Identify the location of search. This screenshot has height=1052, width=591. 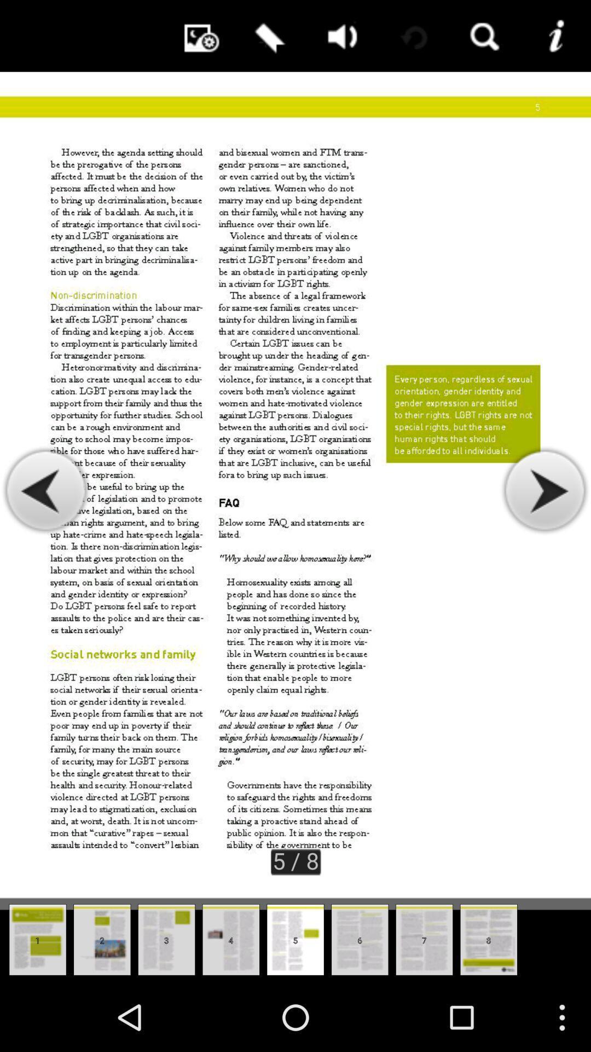
(483, 36).